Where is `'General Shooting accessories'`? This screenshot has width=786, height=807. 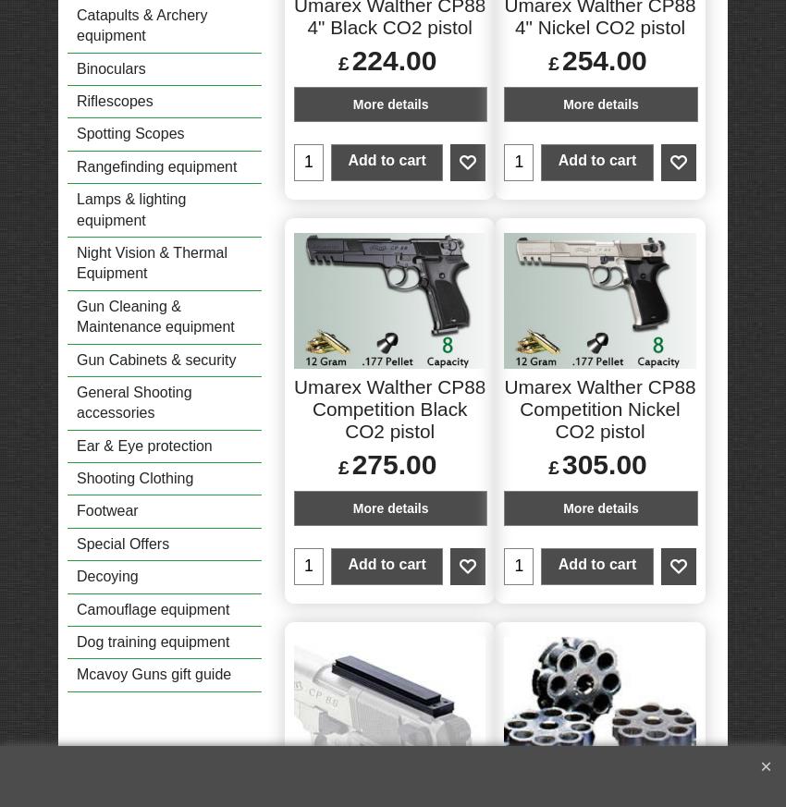
'General Shooting accessories' is located at coordinates (134, 401).